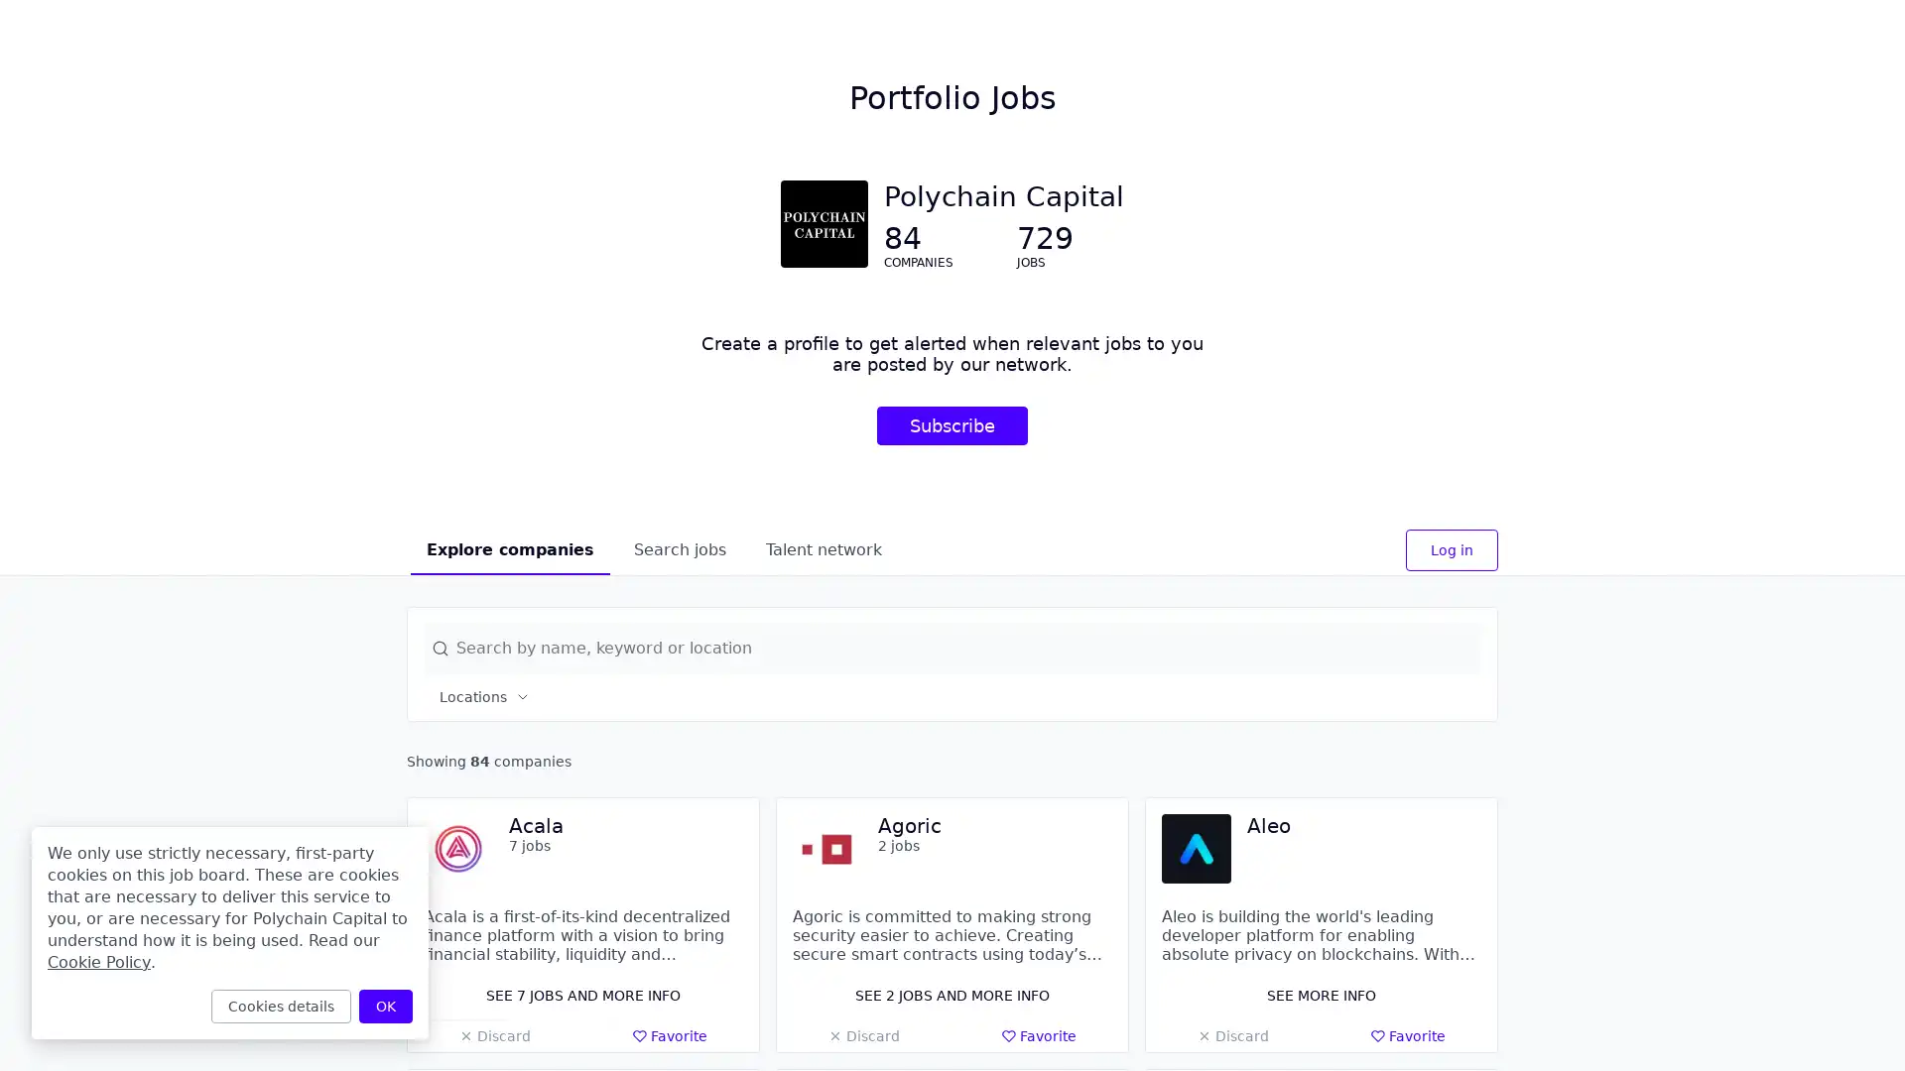 This screenshot has width=1905, height=1071. Describe the element at coordinates (863, 1035) in the screenshot. I see `Discard` at that location.